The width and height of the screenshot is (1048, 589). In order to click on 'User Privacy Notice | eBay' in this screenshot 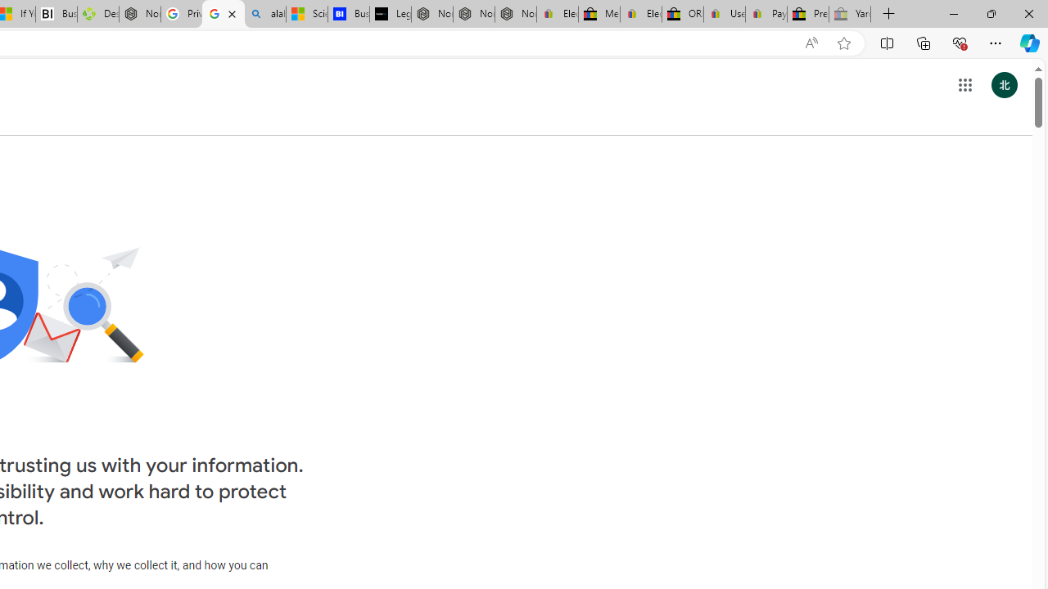, I will do `click(724, 14)`.